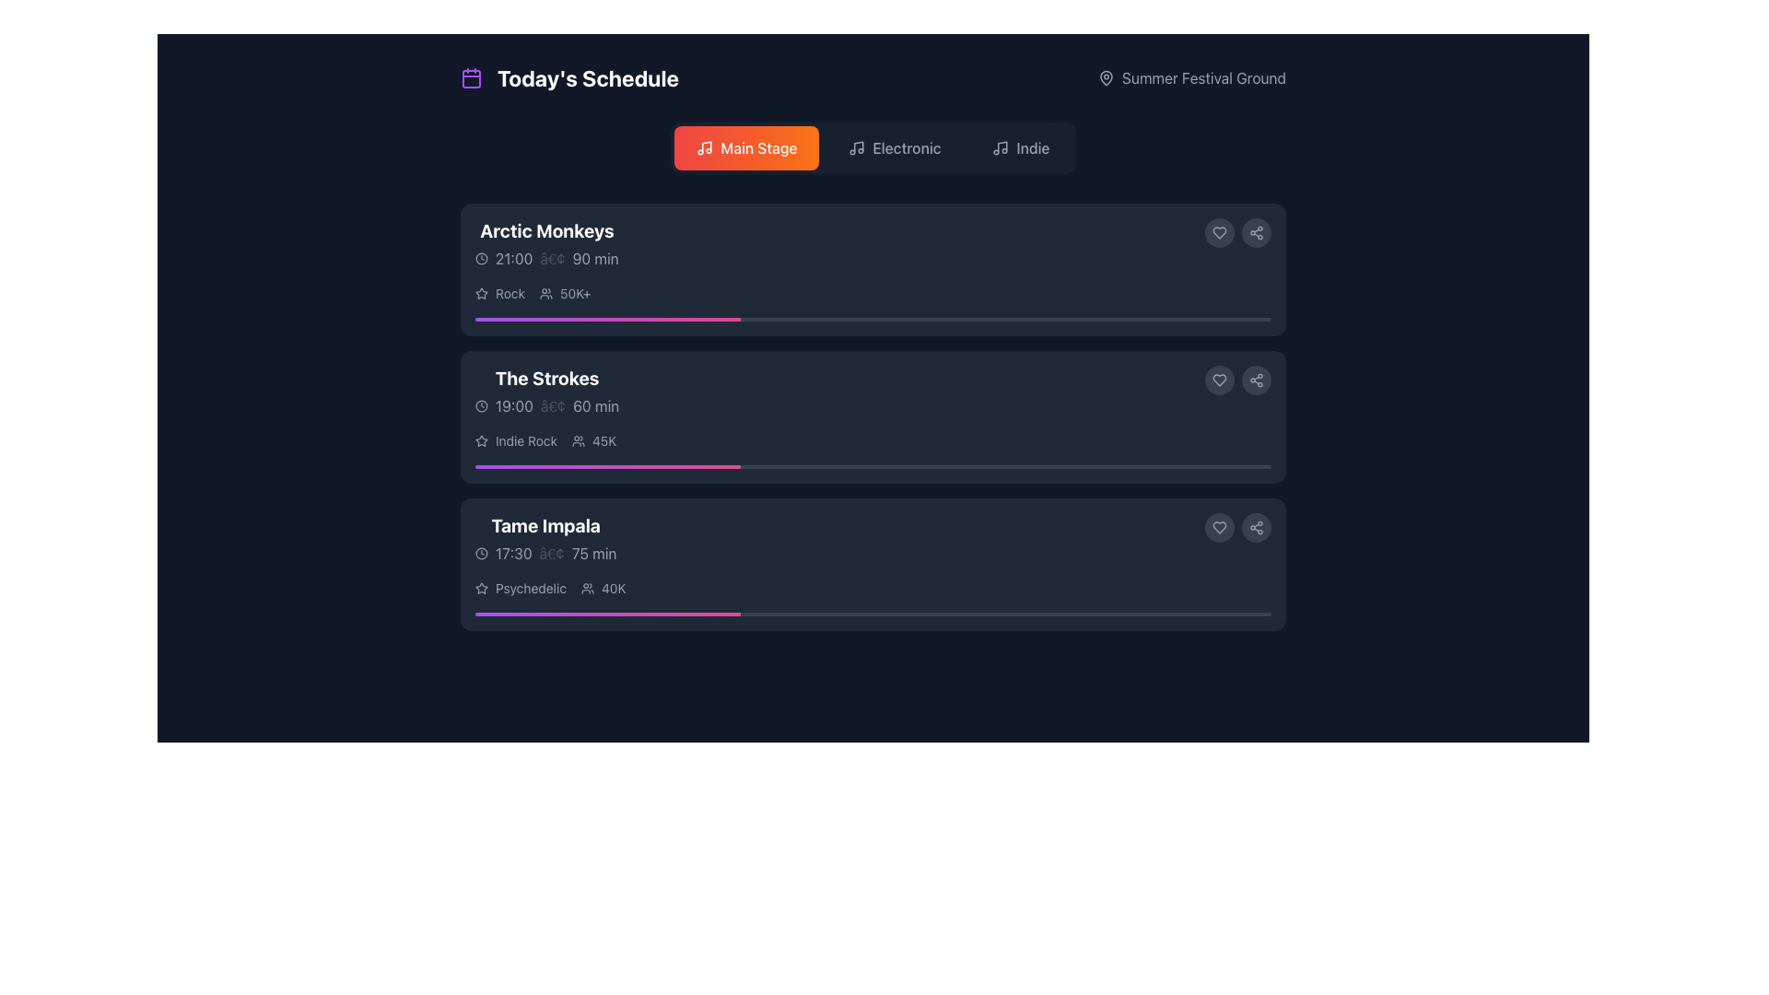 The image size is (1769, 995). What do you see at coordinates (1002, 146) in the screenshot?
I see `vertical line component of the music note icon in the top navigation area under the 'Indie' category button using developer tools` at bounding box center [1002, 146].